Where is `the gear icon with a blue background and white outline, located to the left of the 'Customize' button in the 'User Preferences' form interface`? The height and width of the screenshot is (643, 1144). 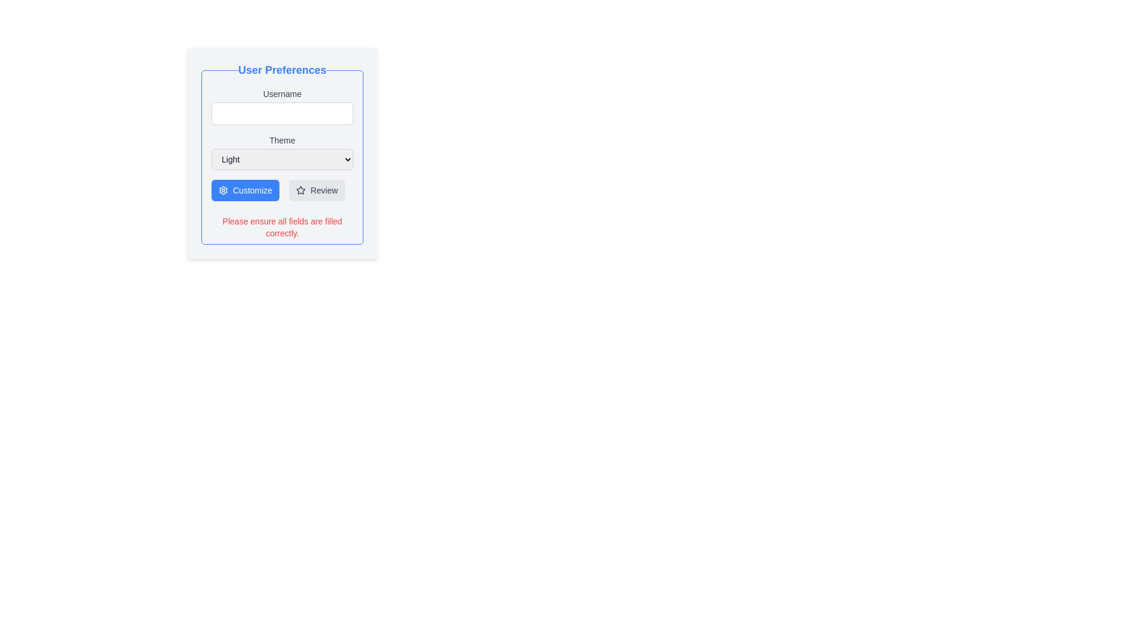 the gear icon with a blue background and white outline, located to the left of the 'Customize' button in the 'User Preferences' form interface is located at coordinates (223, 190).